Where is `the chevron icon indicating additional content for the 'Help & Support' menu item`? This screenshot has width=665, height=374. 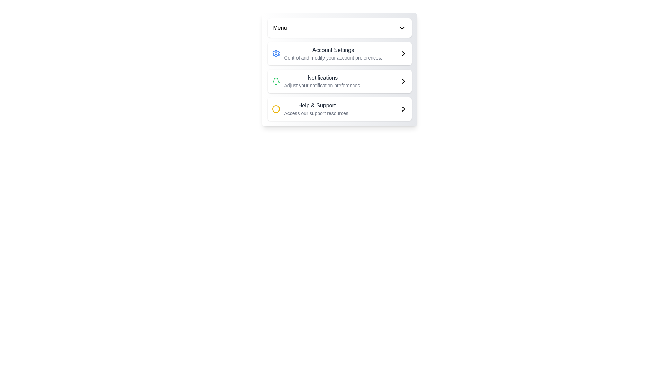 the chevron icon indicating additional content for the 'Help & Support' menu item is located at coordinates (403, 109).